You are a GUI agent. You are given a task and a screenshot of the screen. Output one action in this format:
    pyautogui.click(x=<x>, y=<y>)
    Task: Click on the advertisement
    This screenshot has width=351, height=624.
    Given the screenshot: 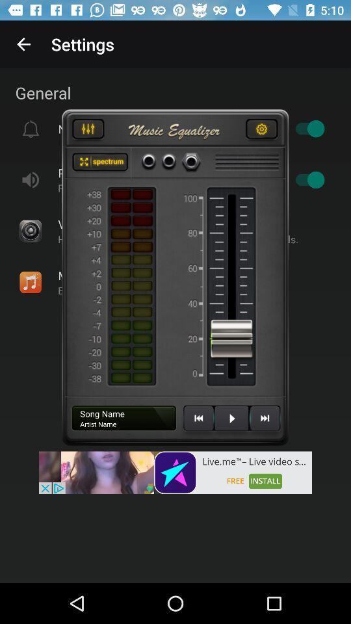 What is the action you would take?
    pyautogui.click(x=175, y=472)
    